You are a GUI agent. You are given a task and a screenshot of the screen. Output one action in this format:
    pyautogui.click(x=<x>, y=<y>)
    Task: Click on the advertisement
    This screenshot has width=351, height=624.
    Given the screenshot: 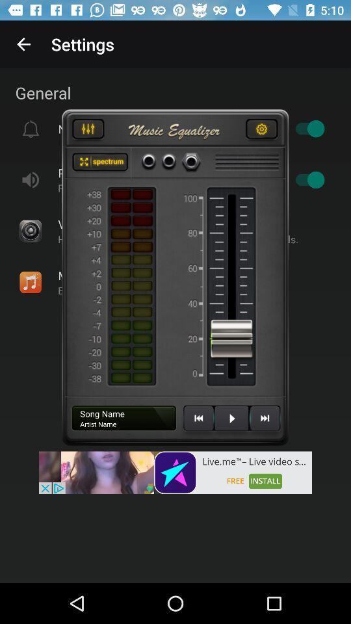 What is the action you would take?
    pyautogui.click(x=175, y=472)
    